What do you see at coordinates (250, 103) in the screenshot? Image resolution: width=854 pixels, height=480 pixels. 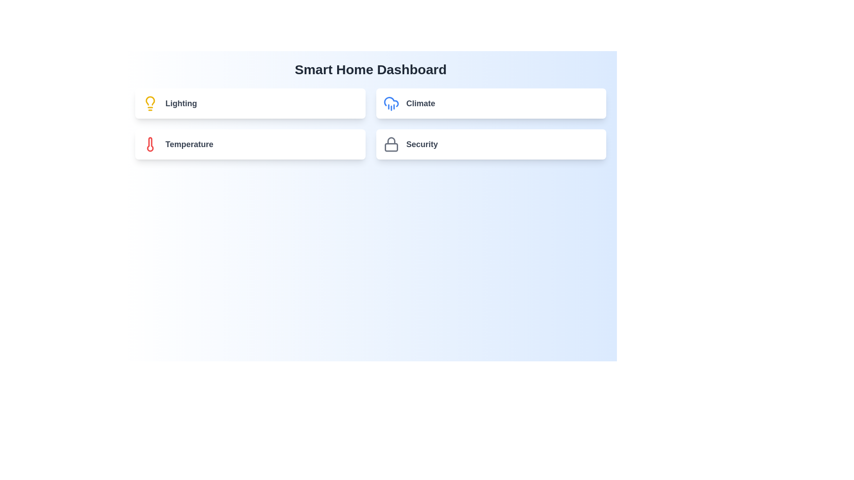 I see `the 'Lighting' card in the top-left quadrant of the smart home dashboard grid, which is the first card and positioned left of the 'Climate' card and above the 'Temperature' card` at bounding box center [250, 103].